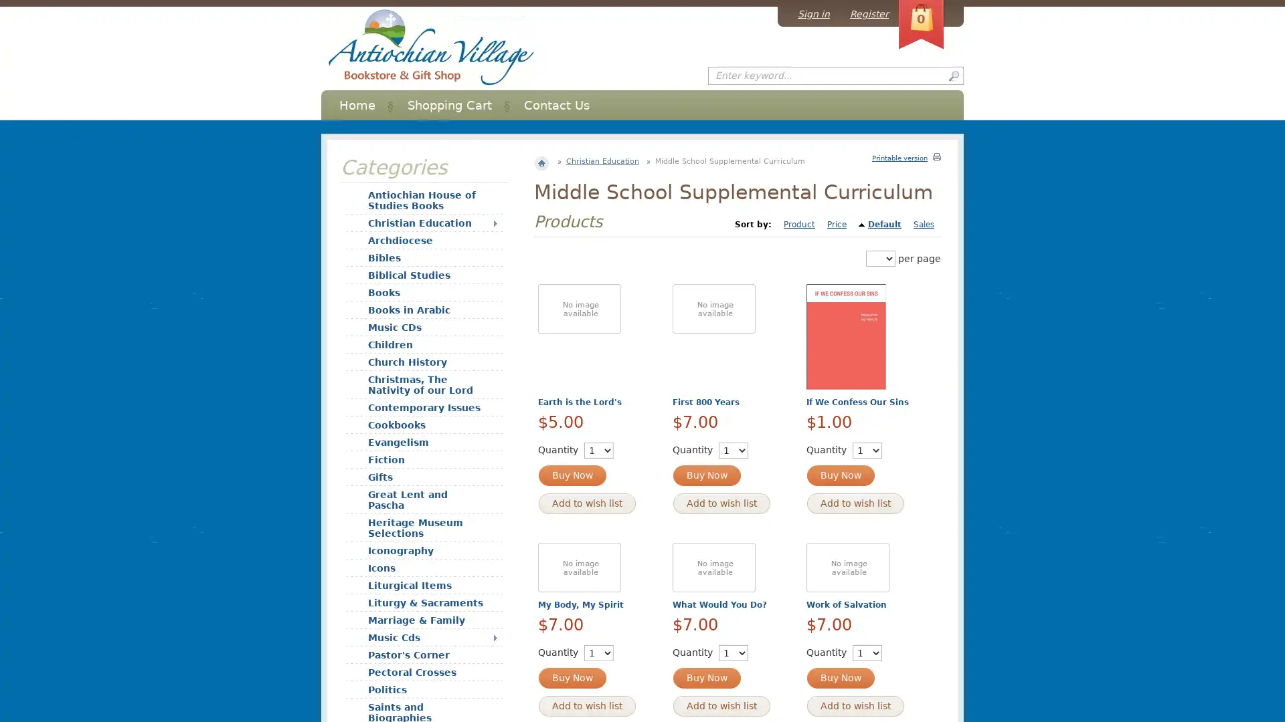 This screenshot has height=722, width=1285. What do you see at coordinates (587, 705) in the screenshot?
I see `Add to wish list` at bounding box center [587, 705].